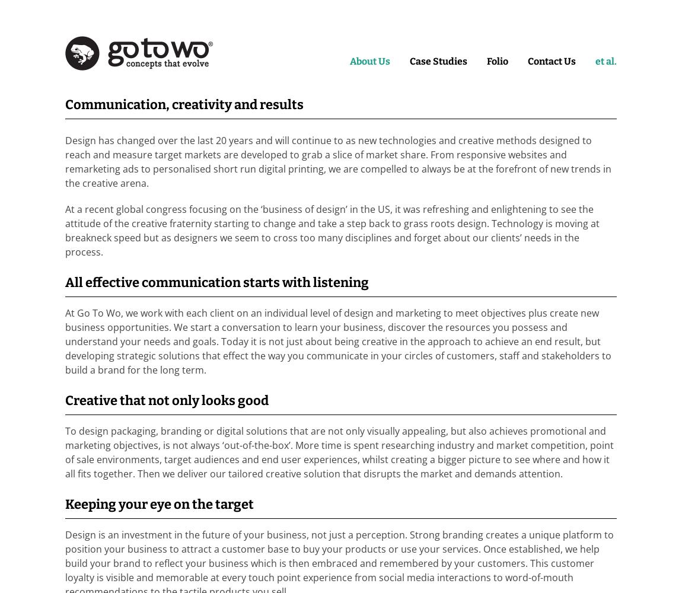 Image resolution: width=682 pixels, height=593 pixels. I want to click on 'To design packaging, branding or digital solutions that are not only visually appealing, but also achieves promotional and marketing objectives, is not always ‘out-of-the-box’. More time is spent researching industry and market competition, point of sale environments, target audiences and end user experiences, whilst creating a bigger picture to see where and how it all fits together. Then we deliver our tailored creative solution that disrupts the market and demands attention.', so click(339, 452).